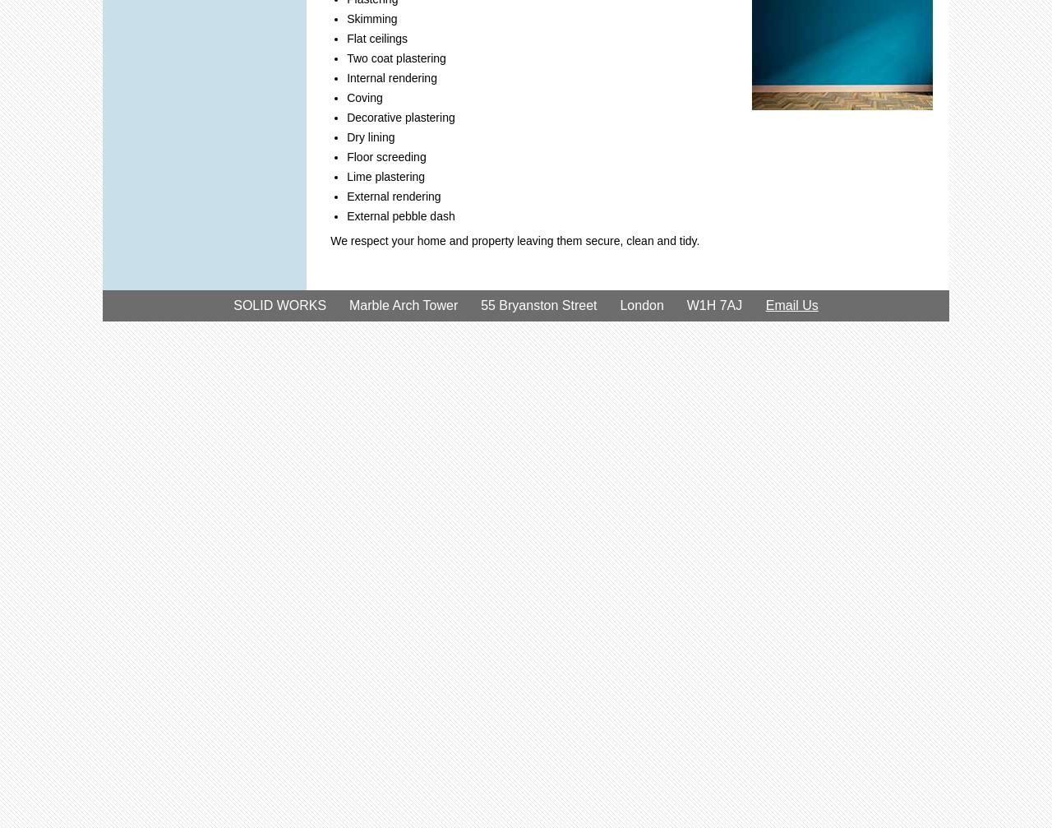 Image resolution: width=1052 pixels, height=828 pixels. I want to click on 'SOLID WORKS', so click(233, 305).